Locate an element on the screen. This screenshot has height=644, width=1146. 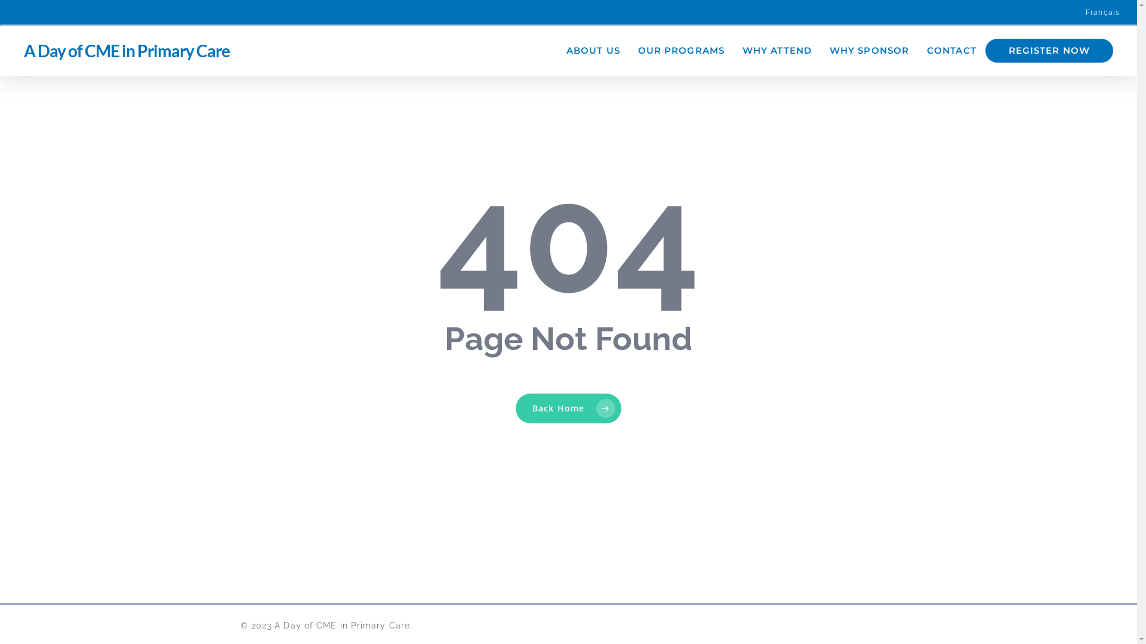
'WHY ATTEND' is located at coordinates (777, 49).